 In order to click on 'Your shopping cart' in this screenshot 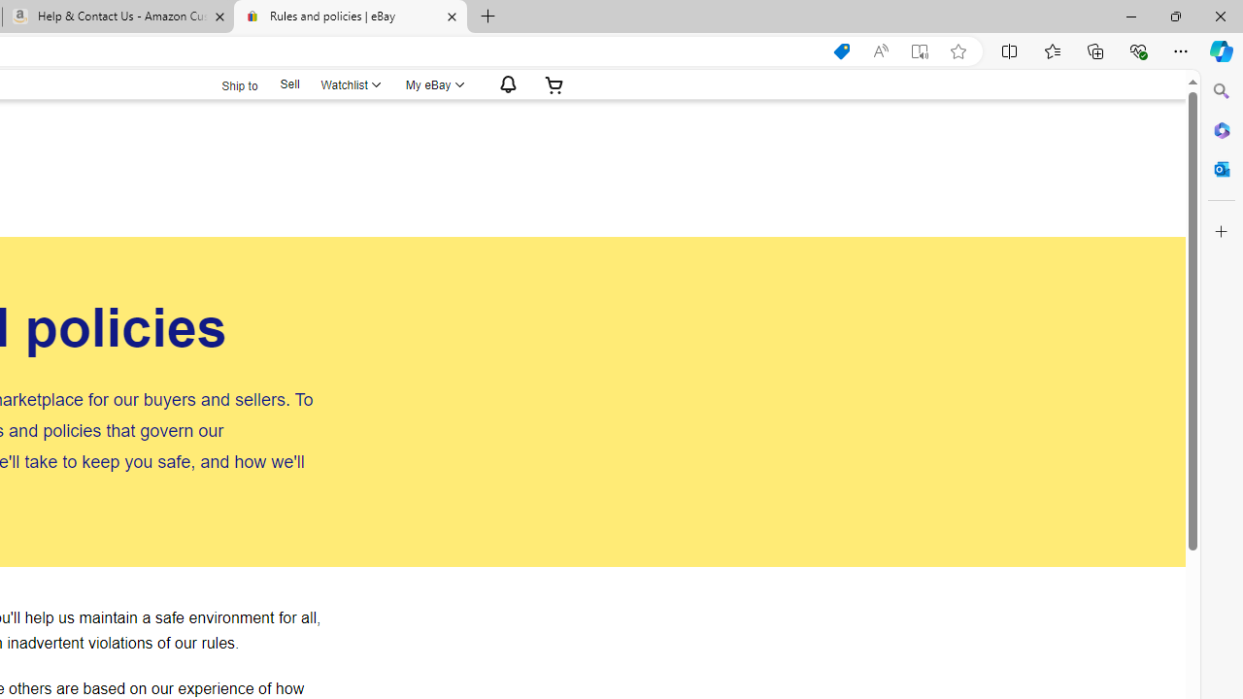, I will do `click(553, 83)`.